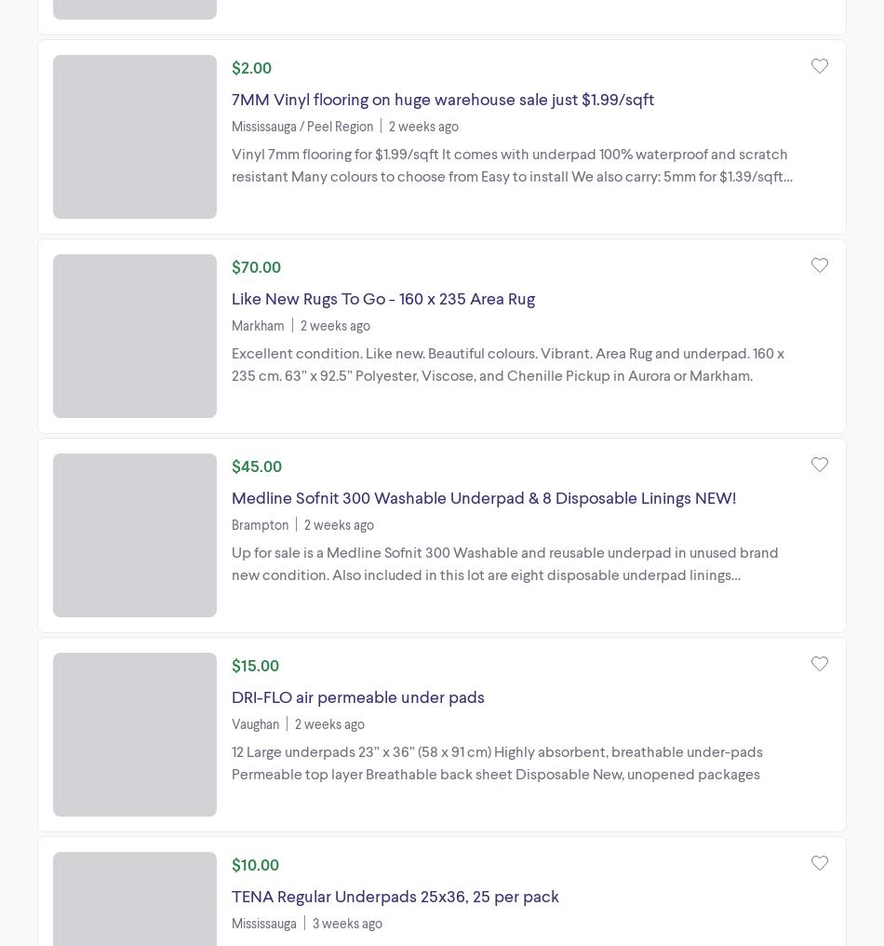  I want to click on 'DRI-FLO air permeable under pads', so click(357, 695).